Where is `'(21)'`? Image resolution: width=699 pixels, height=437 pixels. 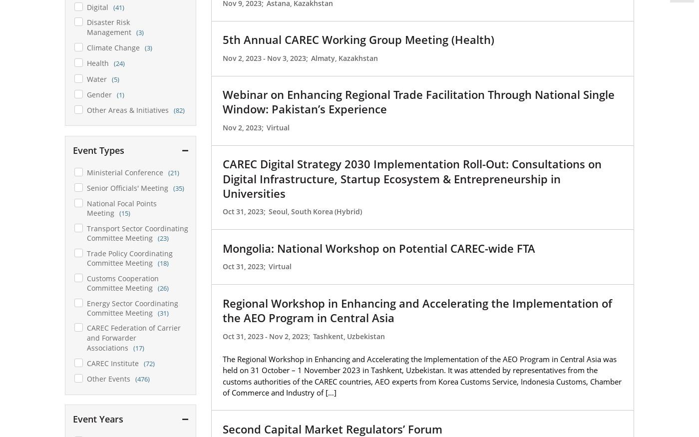 '(21)' is located at coordinates (173, 172).